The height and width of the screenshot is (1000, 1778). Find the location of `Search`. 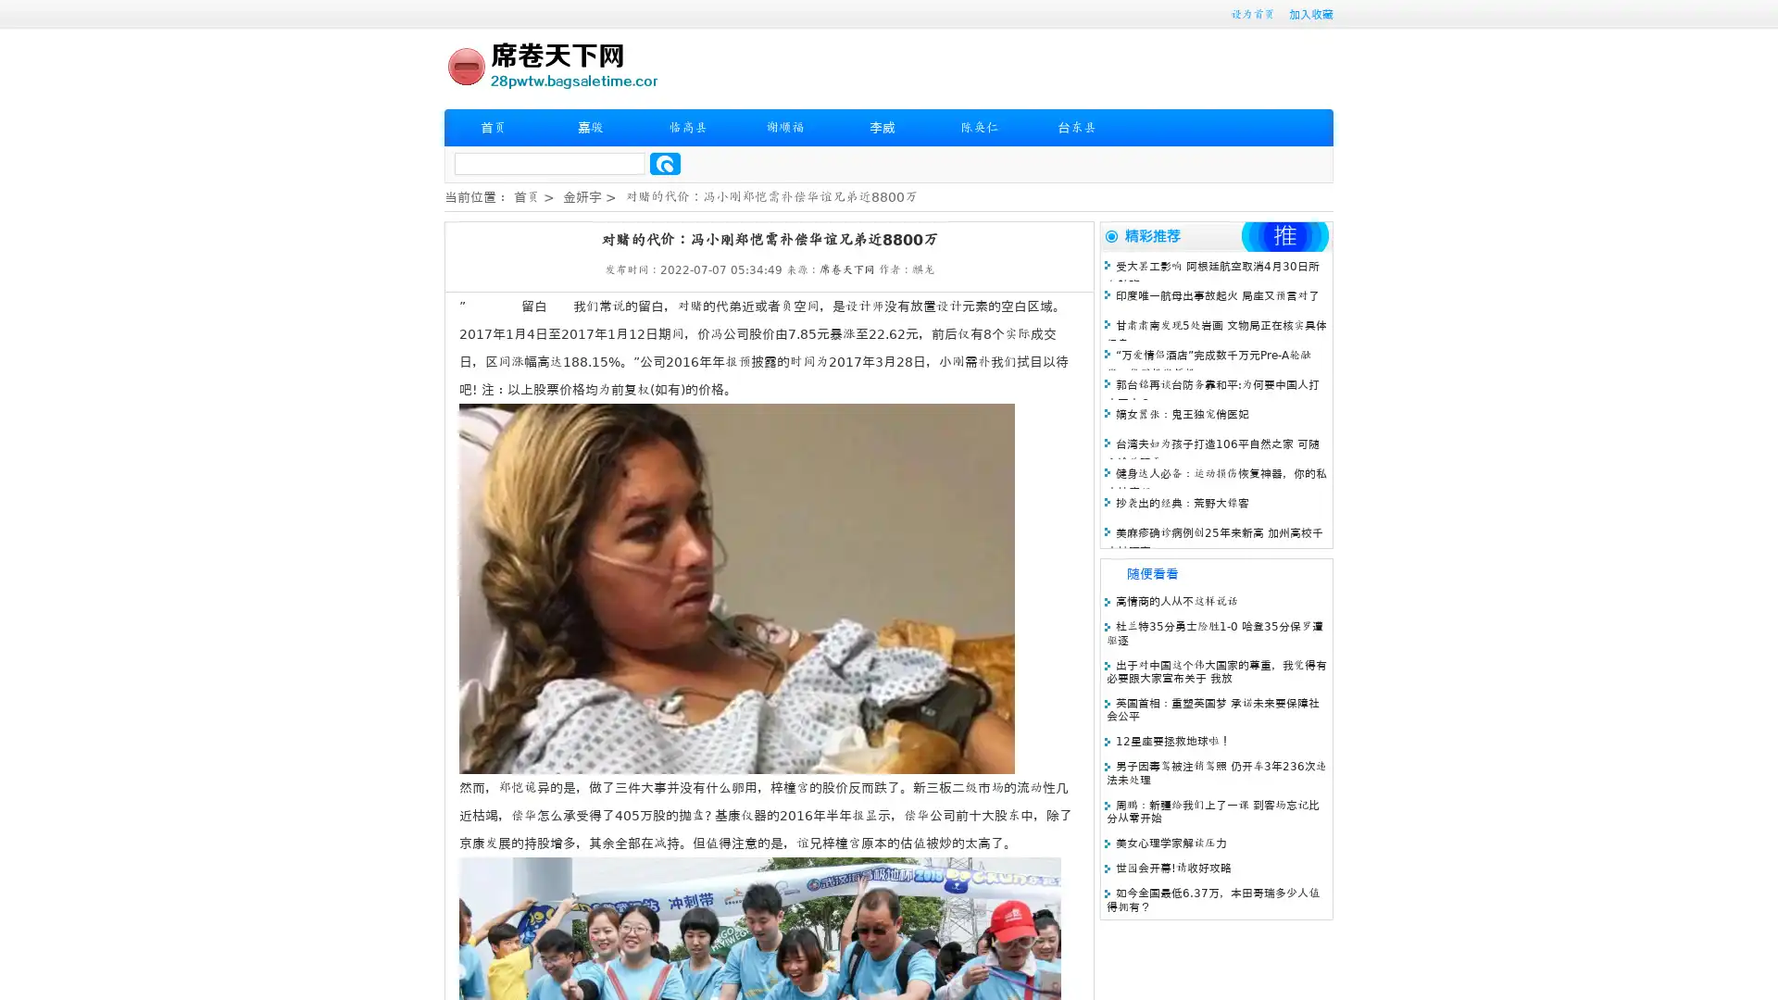

Search is located at coordinates (665, 163).